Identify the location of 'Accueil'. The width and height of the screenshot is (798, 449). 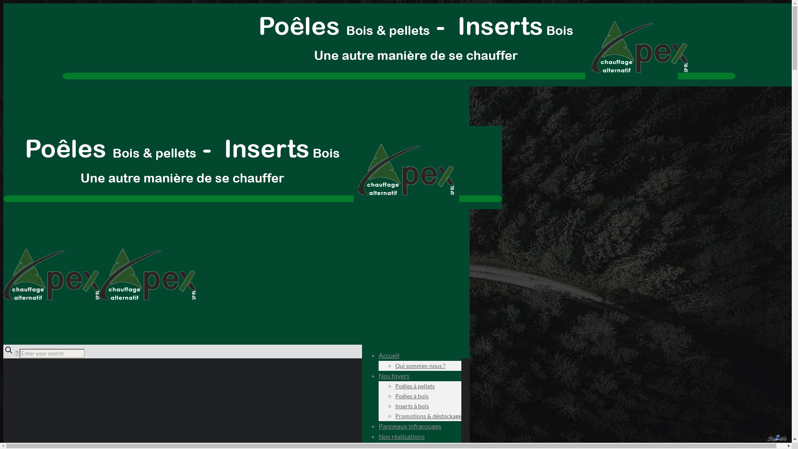
(389, 355).